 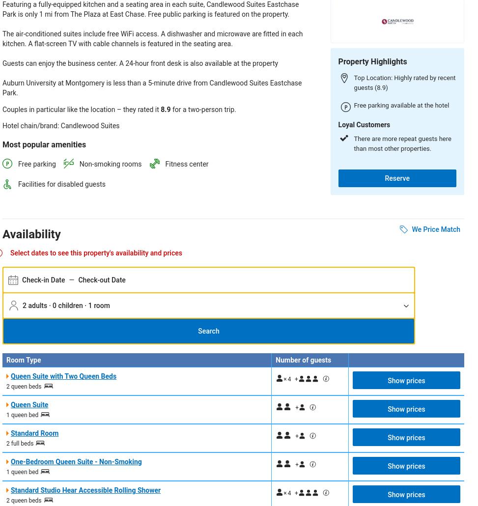 I want to click on 'Number of guests', so click(x=303, y=360).